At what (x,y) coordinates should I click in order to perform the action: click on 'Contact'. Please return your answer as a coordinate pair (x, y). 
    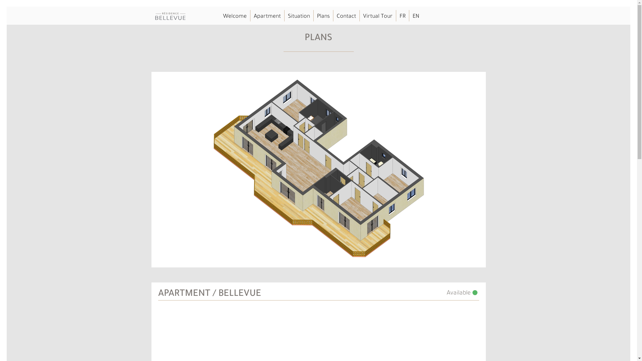
    Looking at the image, I should click on (346, 16).